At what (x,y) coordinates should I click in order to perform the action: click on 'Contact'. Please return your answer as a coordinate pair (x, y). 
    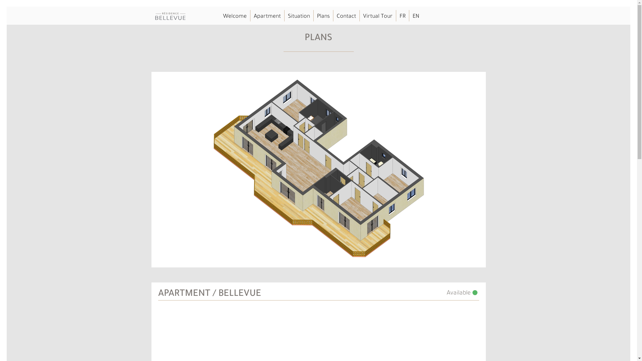
    Looking at the image, I should click on (346, 16).